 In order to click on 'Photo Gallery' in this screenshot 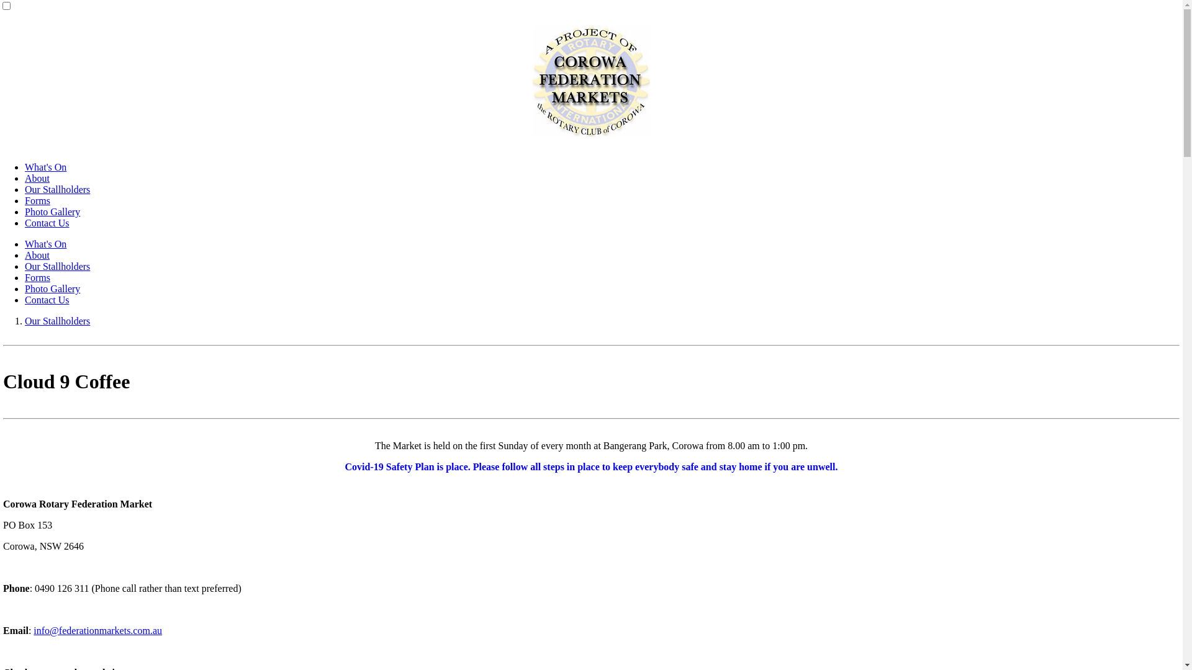, I will do `click(52, 211)`.